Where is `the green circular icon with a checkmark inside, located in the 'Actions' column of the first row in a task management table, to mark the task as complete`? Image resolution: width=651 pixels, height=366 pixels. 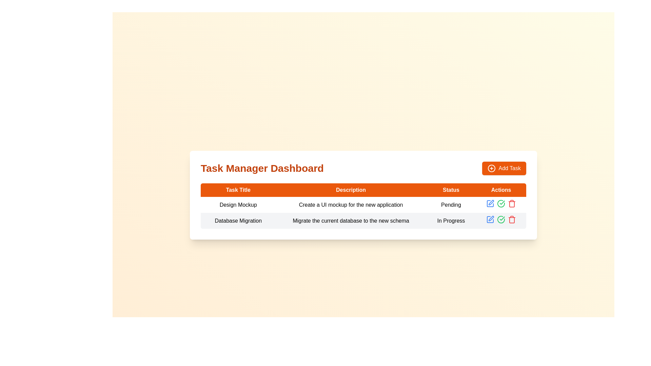
the green circular icon with a checkmark inside, located in the 'Actions' column of the first row in a task management table, to mark the task as complete is located at coordinates (501, 204).